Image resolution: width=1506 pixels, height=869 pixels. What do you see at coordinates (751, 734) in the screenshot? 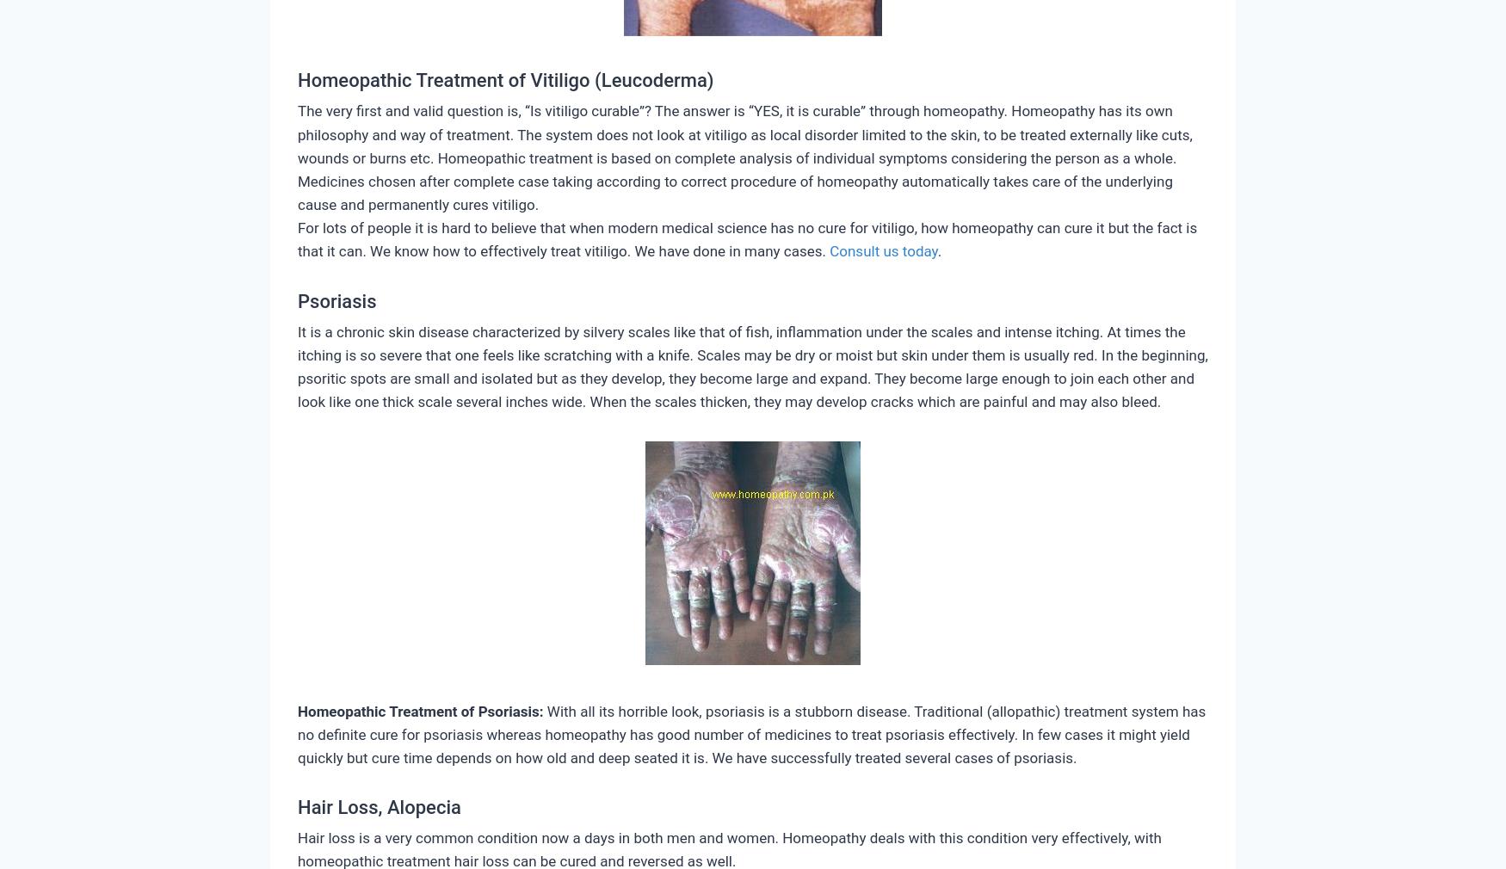
I see `'With all its horrible look, psoriasis is a stubborn disease. Traditional (allopathic) treatment system has no definite cure for psoriasis whereas homeopathy has good number of medicines to treat psoriasis effectively. In few cases it might yield quickly but cure time depends on how old and deep seated it is. We have successfully treated several cases of psoriasis.'` at bounding box center [751, 734].